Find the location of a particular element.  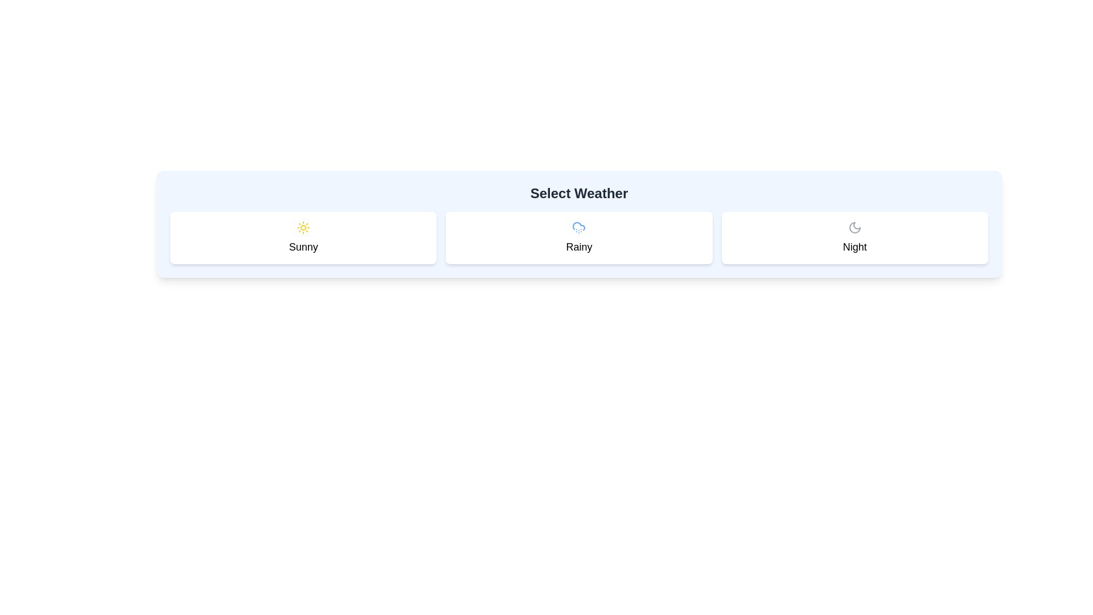

the blue cloud icon with dotted snow below it, located in the 'Rainy' box above the 'Rainy' label is located at coordinates (579, 228).